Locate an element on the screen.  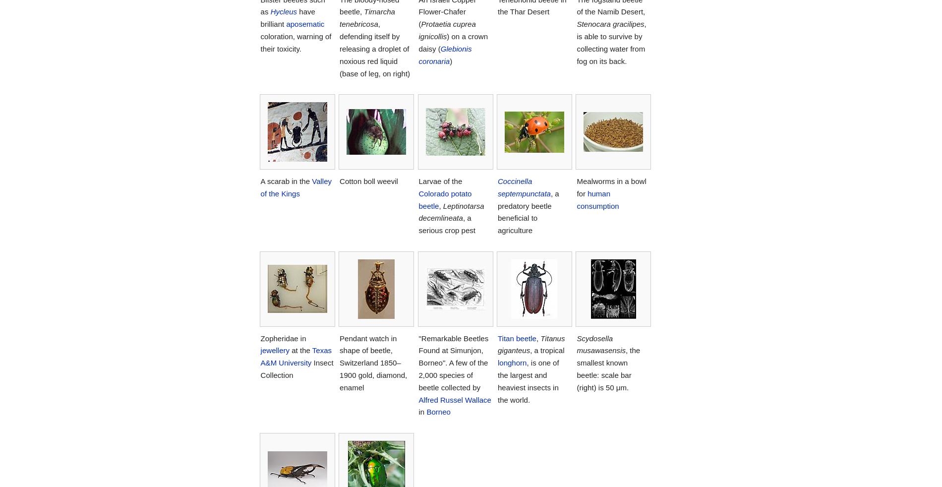
'Pendant watch in shape of beetle, Switzerland 1850–1900 gold, diamond, enamel' is located at coordinates (372, 362).